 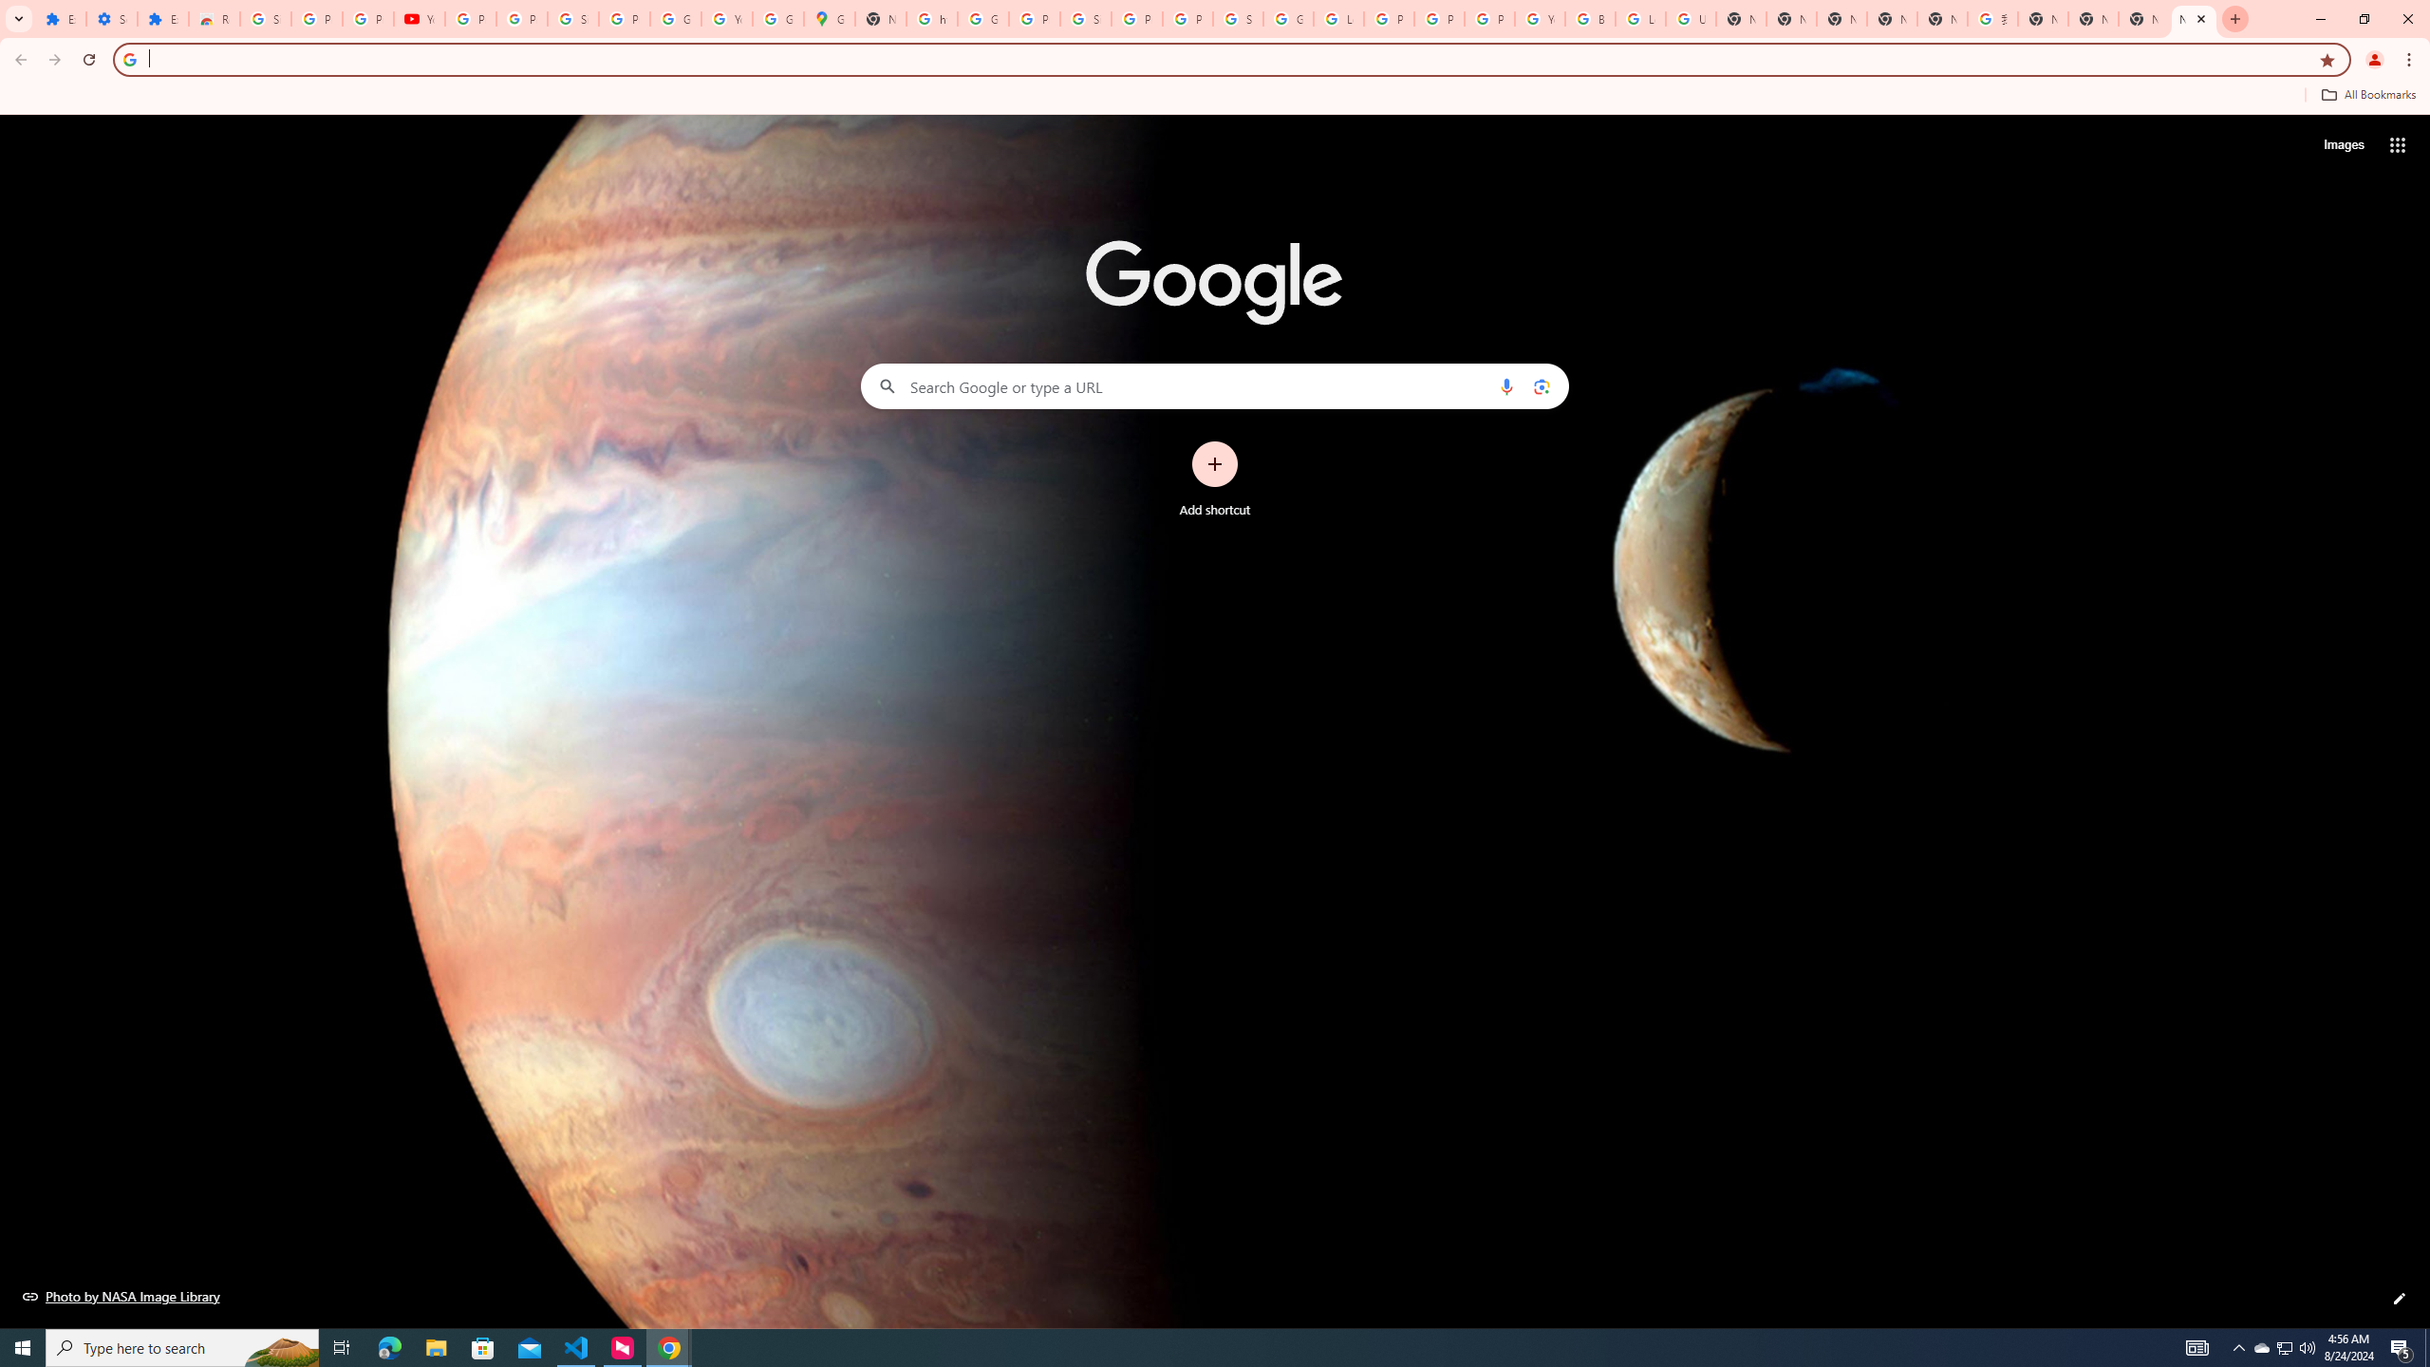 I want to click on 'Search Google or type a URL', so click(x=1215, y=384).